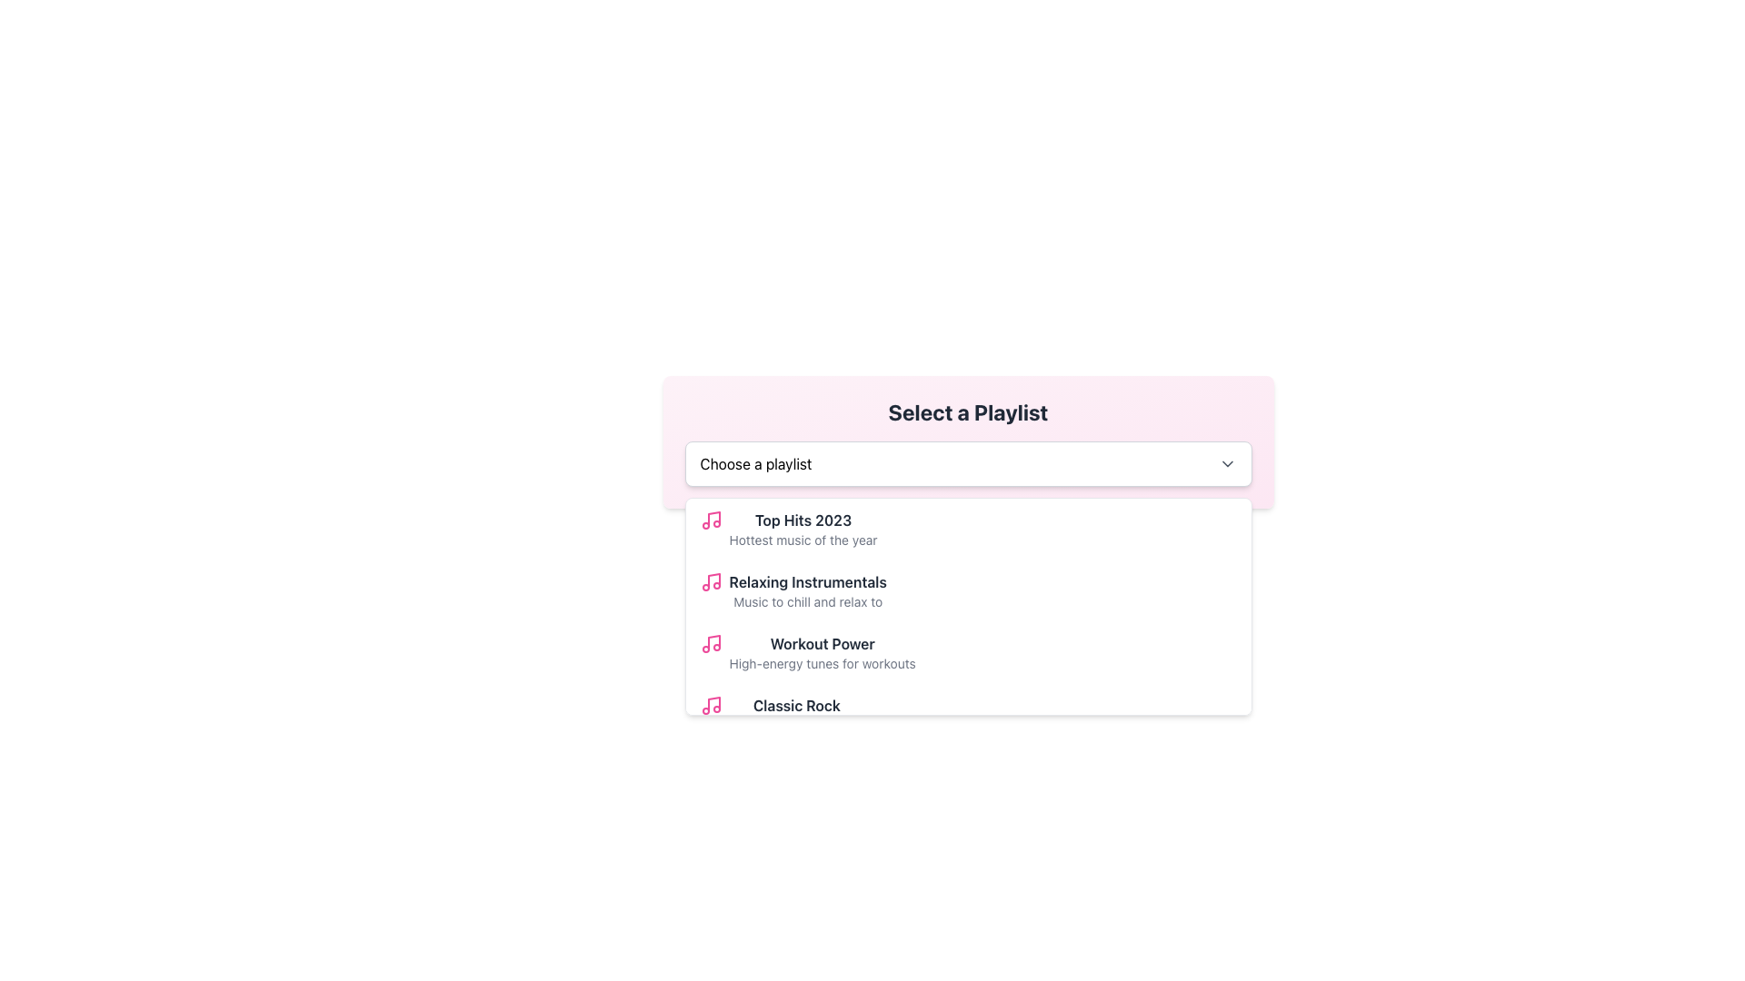 The image size is (1745, 981). Describe the element at coordinates (807, 602) in the screenshot. I see `the text label displaying 'Music to chill and relax to'` at that location.